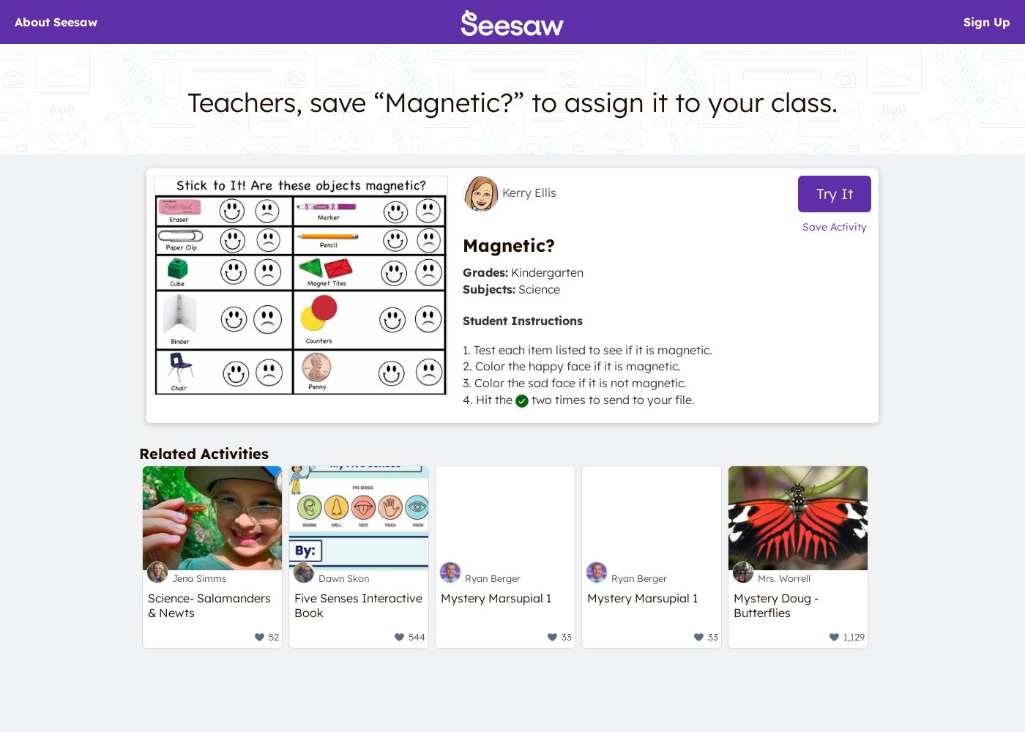  I want to click on '1. Test each item listed to see if it is magnetic.
2. Color the happy face if it is magnetic.
3. Color the sad face if it is not magnetic.
4. Hit the', so click(462, 374).